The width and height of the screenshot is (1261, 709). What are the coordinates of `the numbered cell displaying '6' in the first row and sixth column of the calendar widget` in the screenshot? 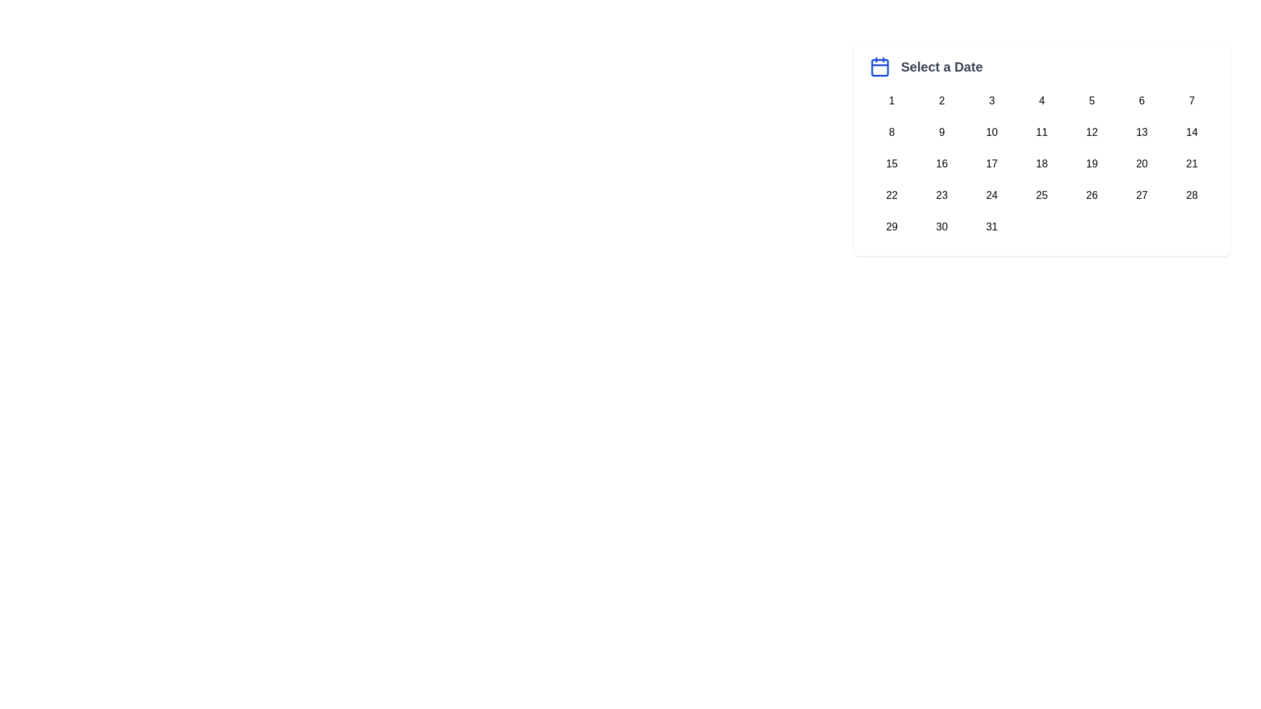 It's located at (1141, 100).